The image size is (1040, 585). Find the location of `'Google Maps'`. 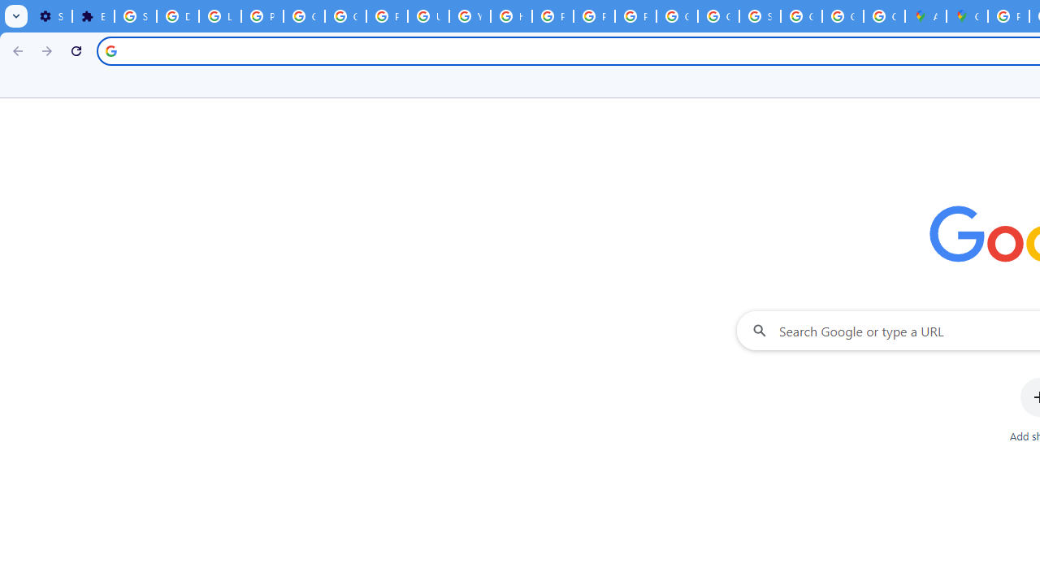

'Google Maps' is located at coordinates (967, 16).